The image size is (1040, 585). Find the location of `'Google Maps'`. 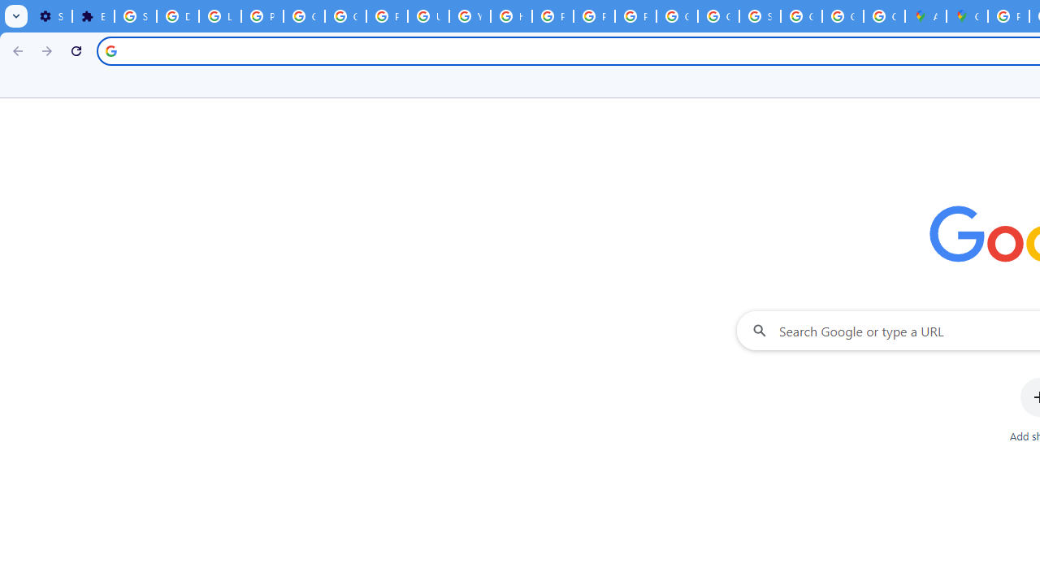

'Google Maps' is located at coordinates (967, 16).